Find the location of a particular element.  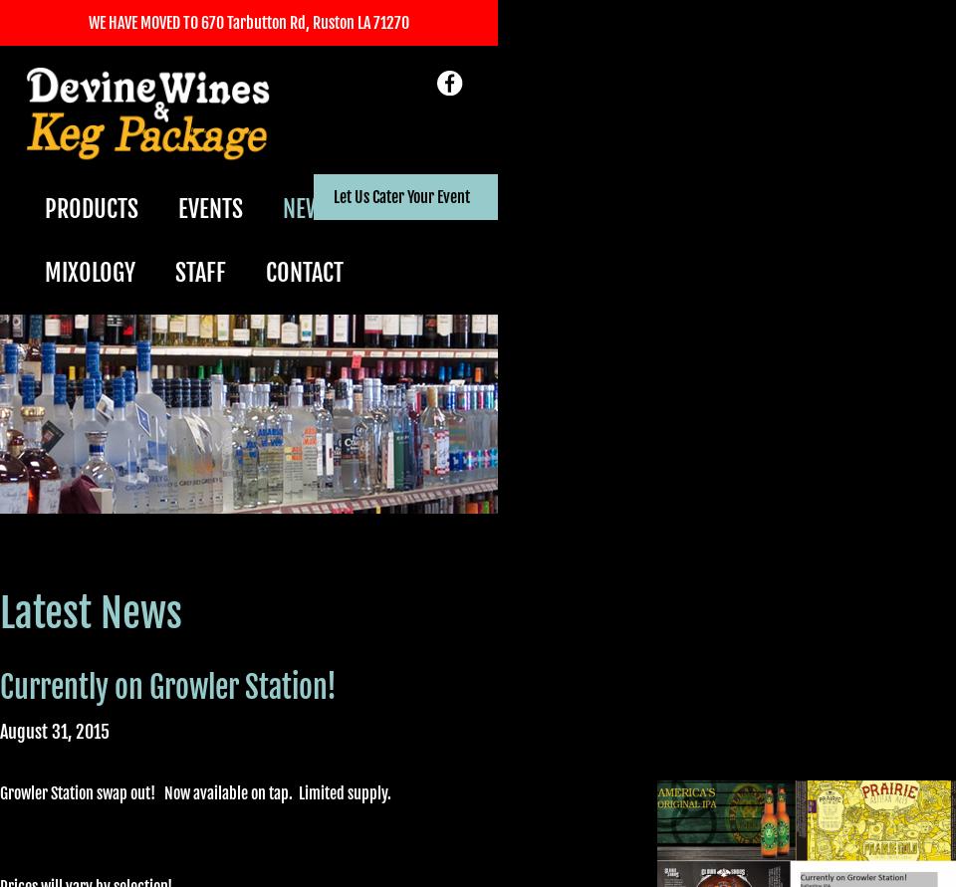

'Growler Station swap out!   Now available on tap.  Limited supply.' is located at coordinates (195, 792).